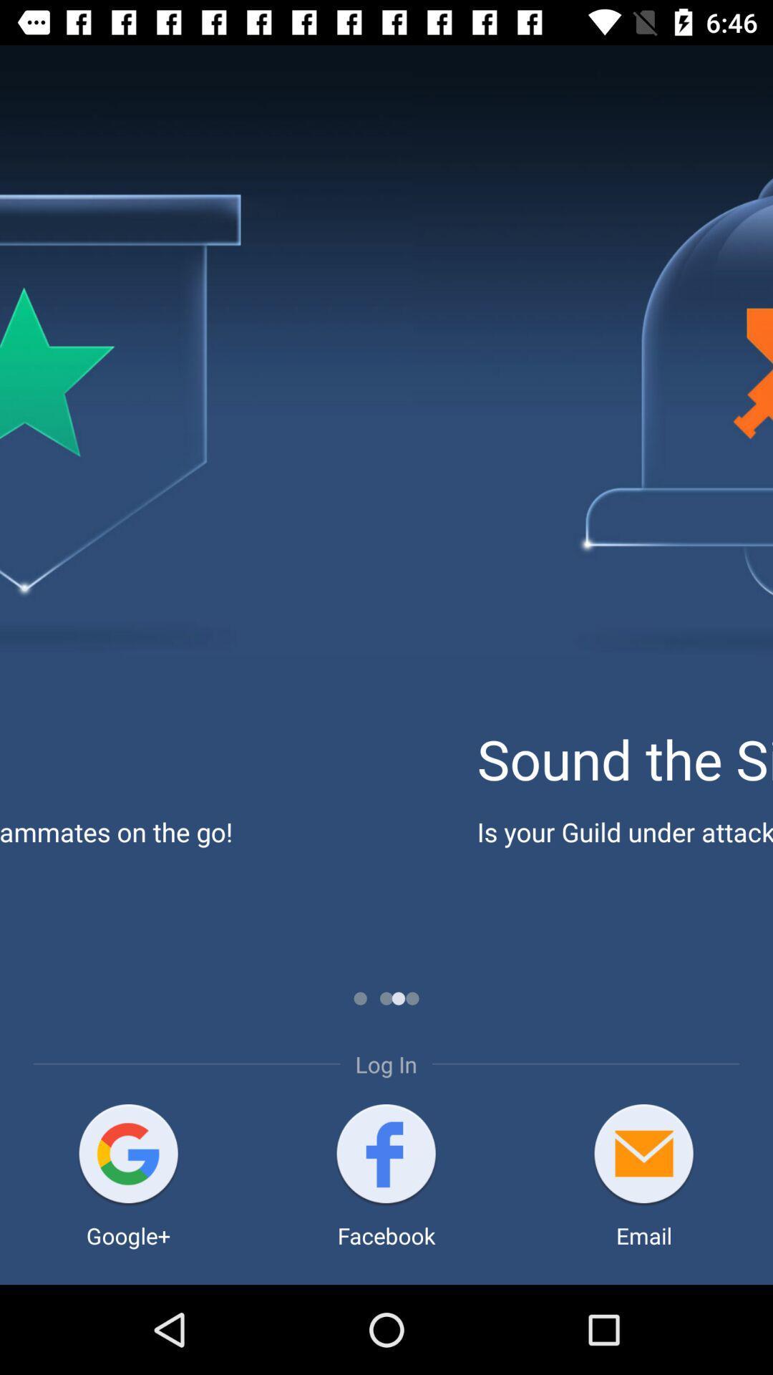 This screenshot has height=1375, width=773. I want to click on open google plus app, so click(127, 1155).